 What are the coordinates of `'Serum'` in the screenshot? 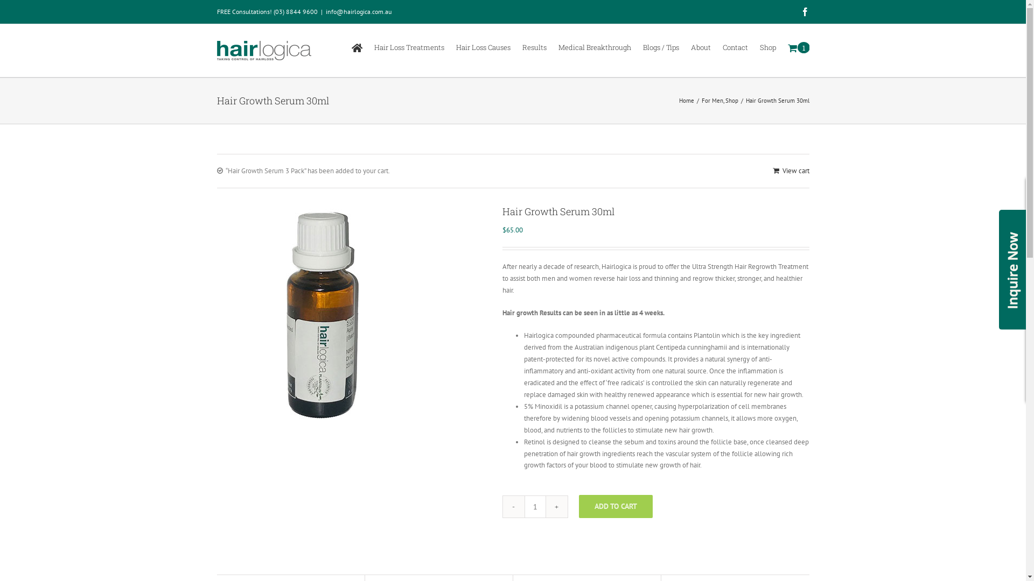 It's located at (323, 311).